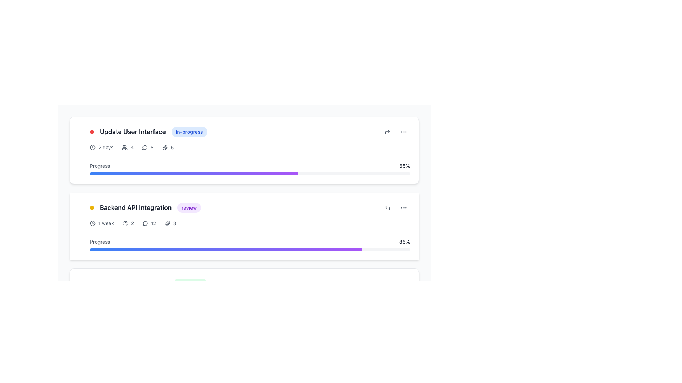  Describe the element at coordinates (92, 147) in the screenshot. I see `the small clock icon with a minimalist design located below the title 'Update User Interface' and before the text '2 days'` at that location.